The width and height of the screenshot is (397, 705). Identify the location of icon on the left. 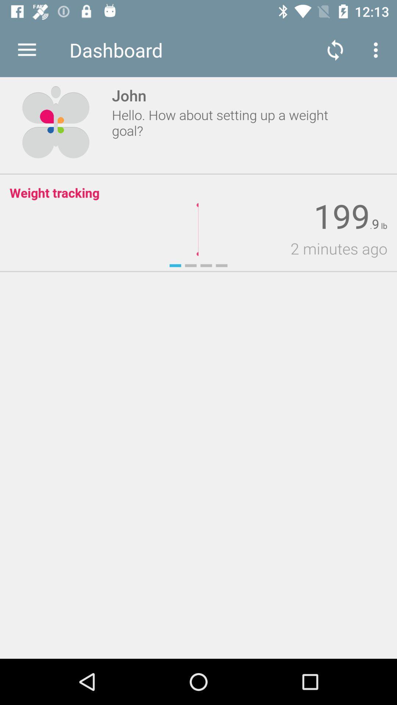
(5, 368).